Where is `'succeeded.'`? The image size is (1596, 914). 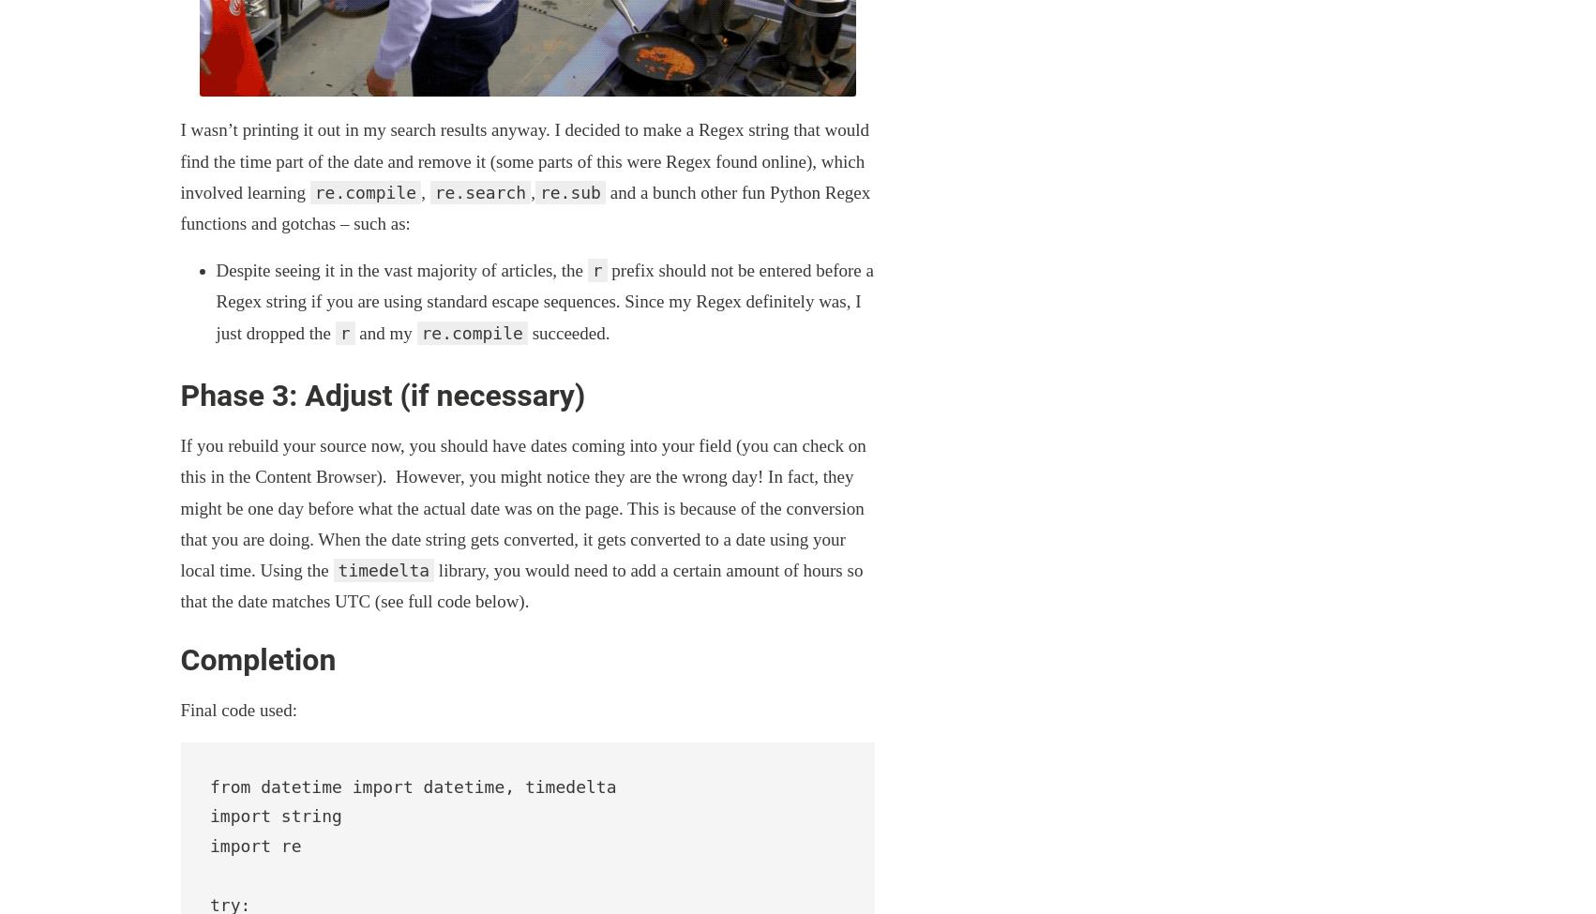 'succeeded.' is located at coordinates (568, 331).